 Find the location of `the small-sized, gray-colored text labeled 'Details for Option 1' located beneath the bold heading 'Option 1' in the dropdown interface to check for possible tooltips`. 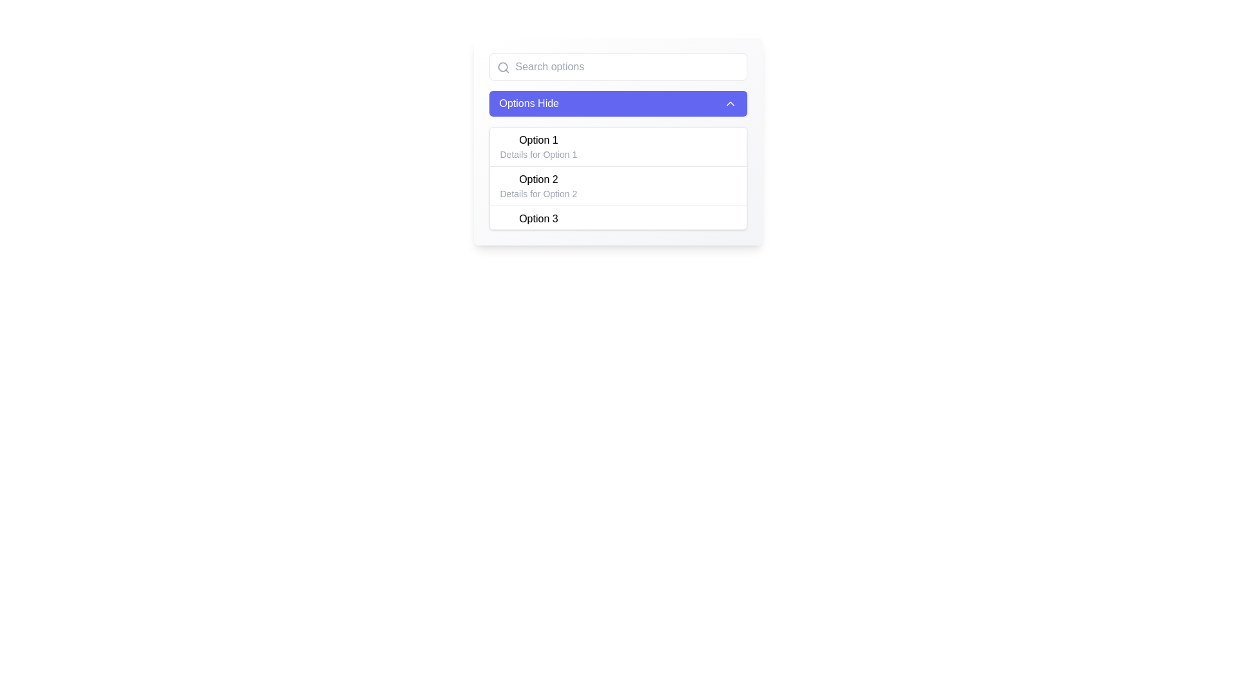

the small-sized, gray-colored text labeled 'Details for Option 1' located beneath the bold heading 'Option 1' in the dropdown interface to check for possible tooltips is located at coordinates (538, 153).